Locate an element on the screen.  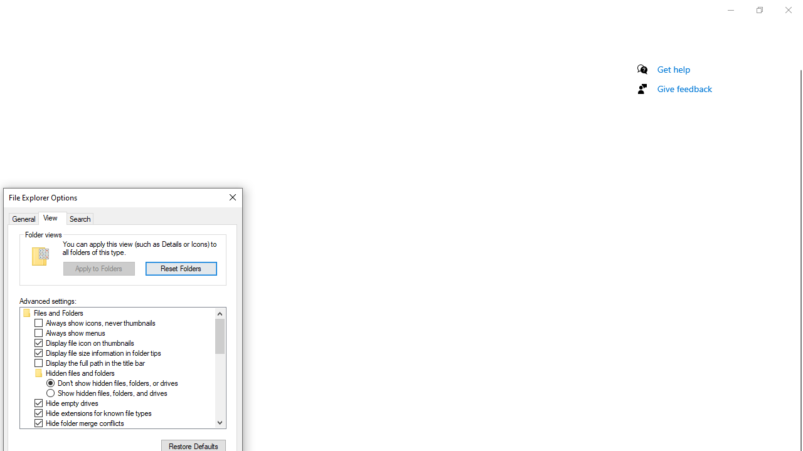
'Hide folder merge conflicts' is located at coordinates (84, 423).